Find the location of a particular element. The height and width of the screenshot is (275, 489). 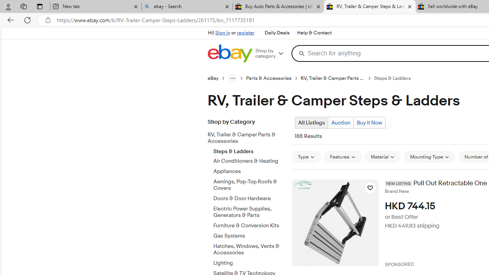

'Awnings, Pop-Top Roofs & Covers' is located at coordinates (249, 184).